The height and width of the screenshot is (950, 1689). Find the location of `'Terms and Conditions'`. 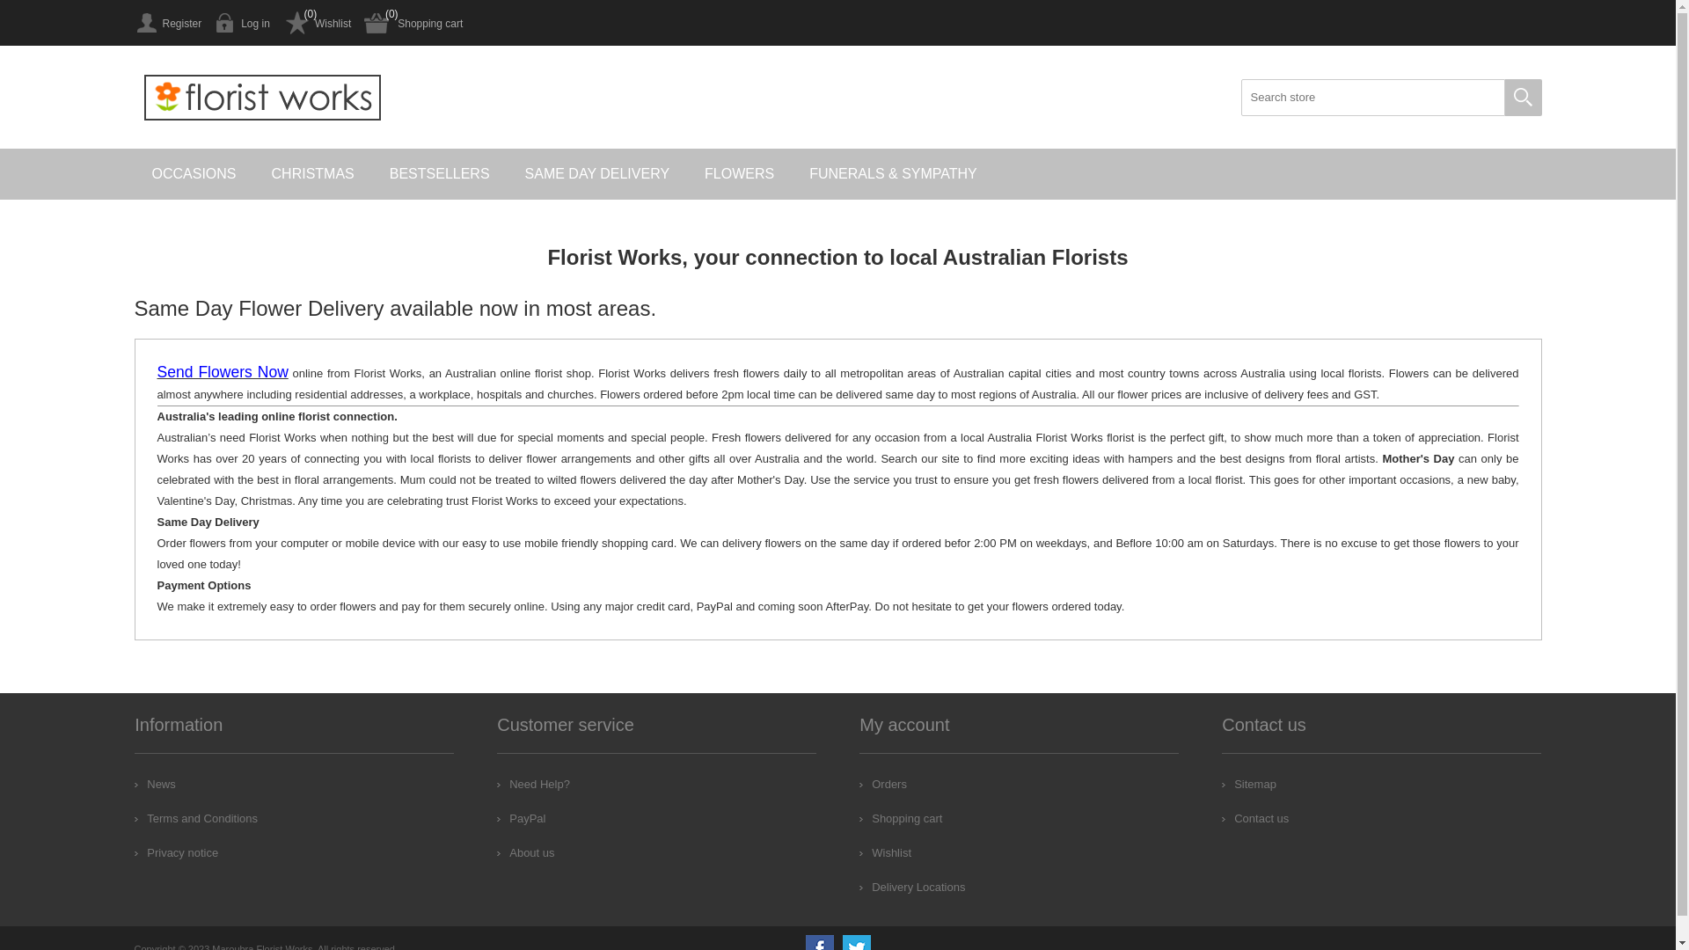

'Terms and Conditions' is located at coordinates (134, 818).